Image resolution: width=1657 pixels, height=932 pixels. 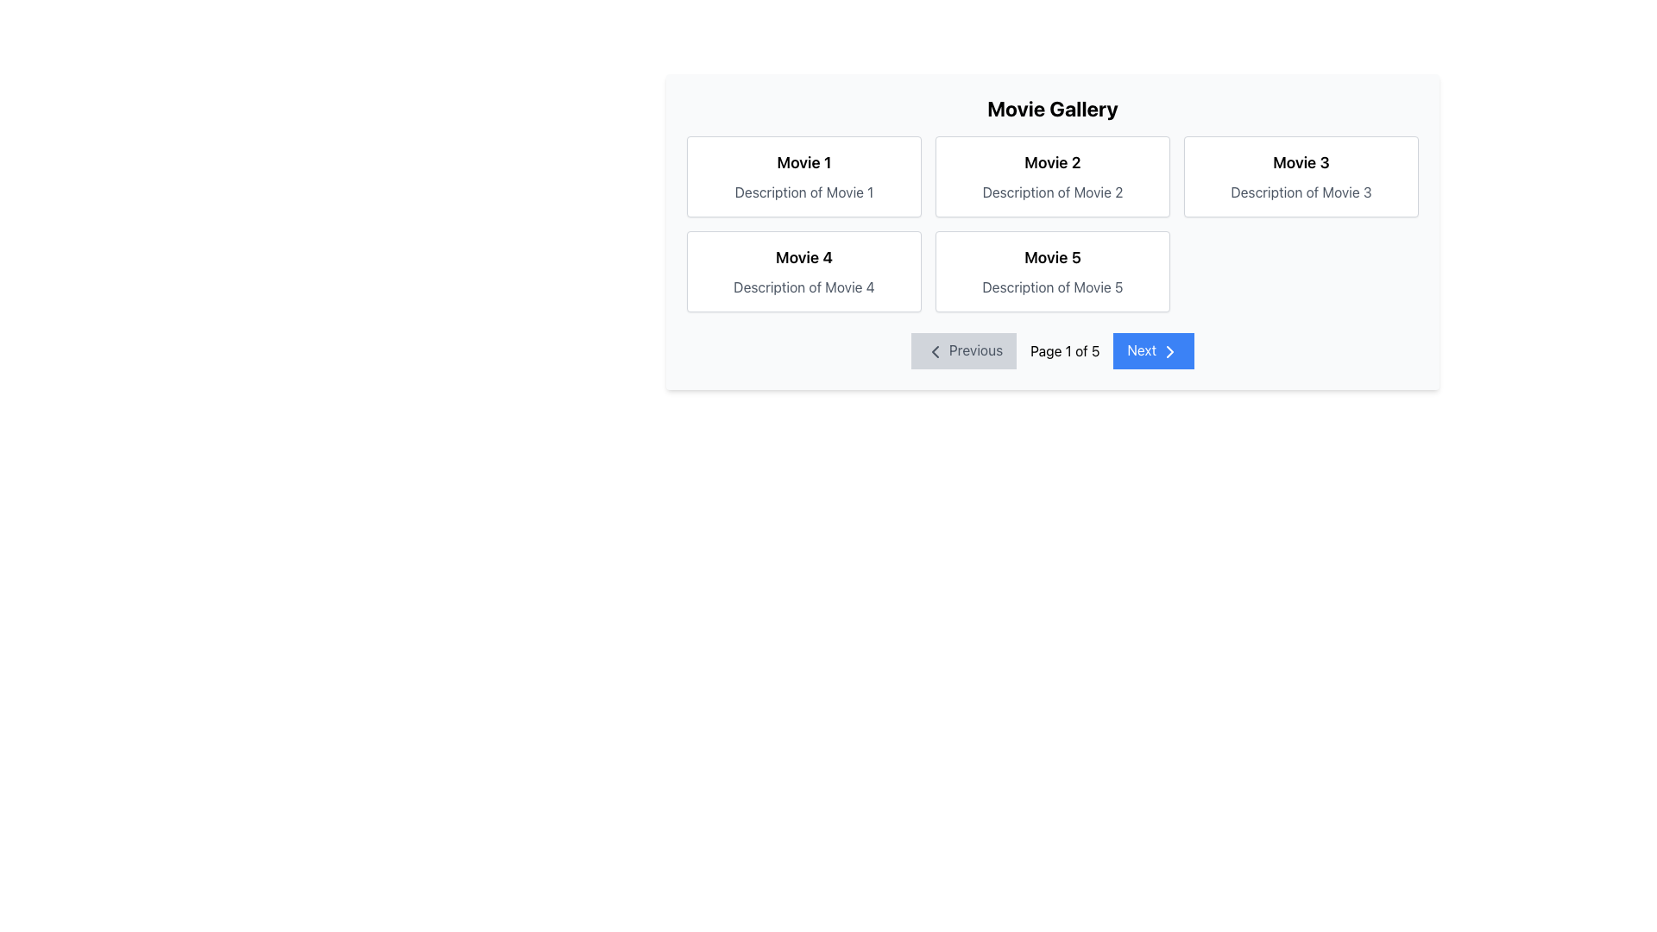 I want to click on the left-facing chevron icon part of the 'Previous' button, which is styled in dark gray and positioned to the left of the 'Previous' text, so click(x=934, y=350).